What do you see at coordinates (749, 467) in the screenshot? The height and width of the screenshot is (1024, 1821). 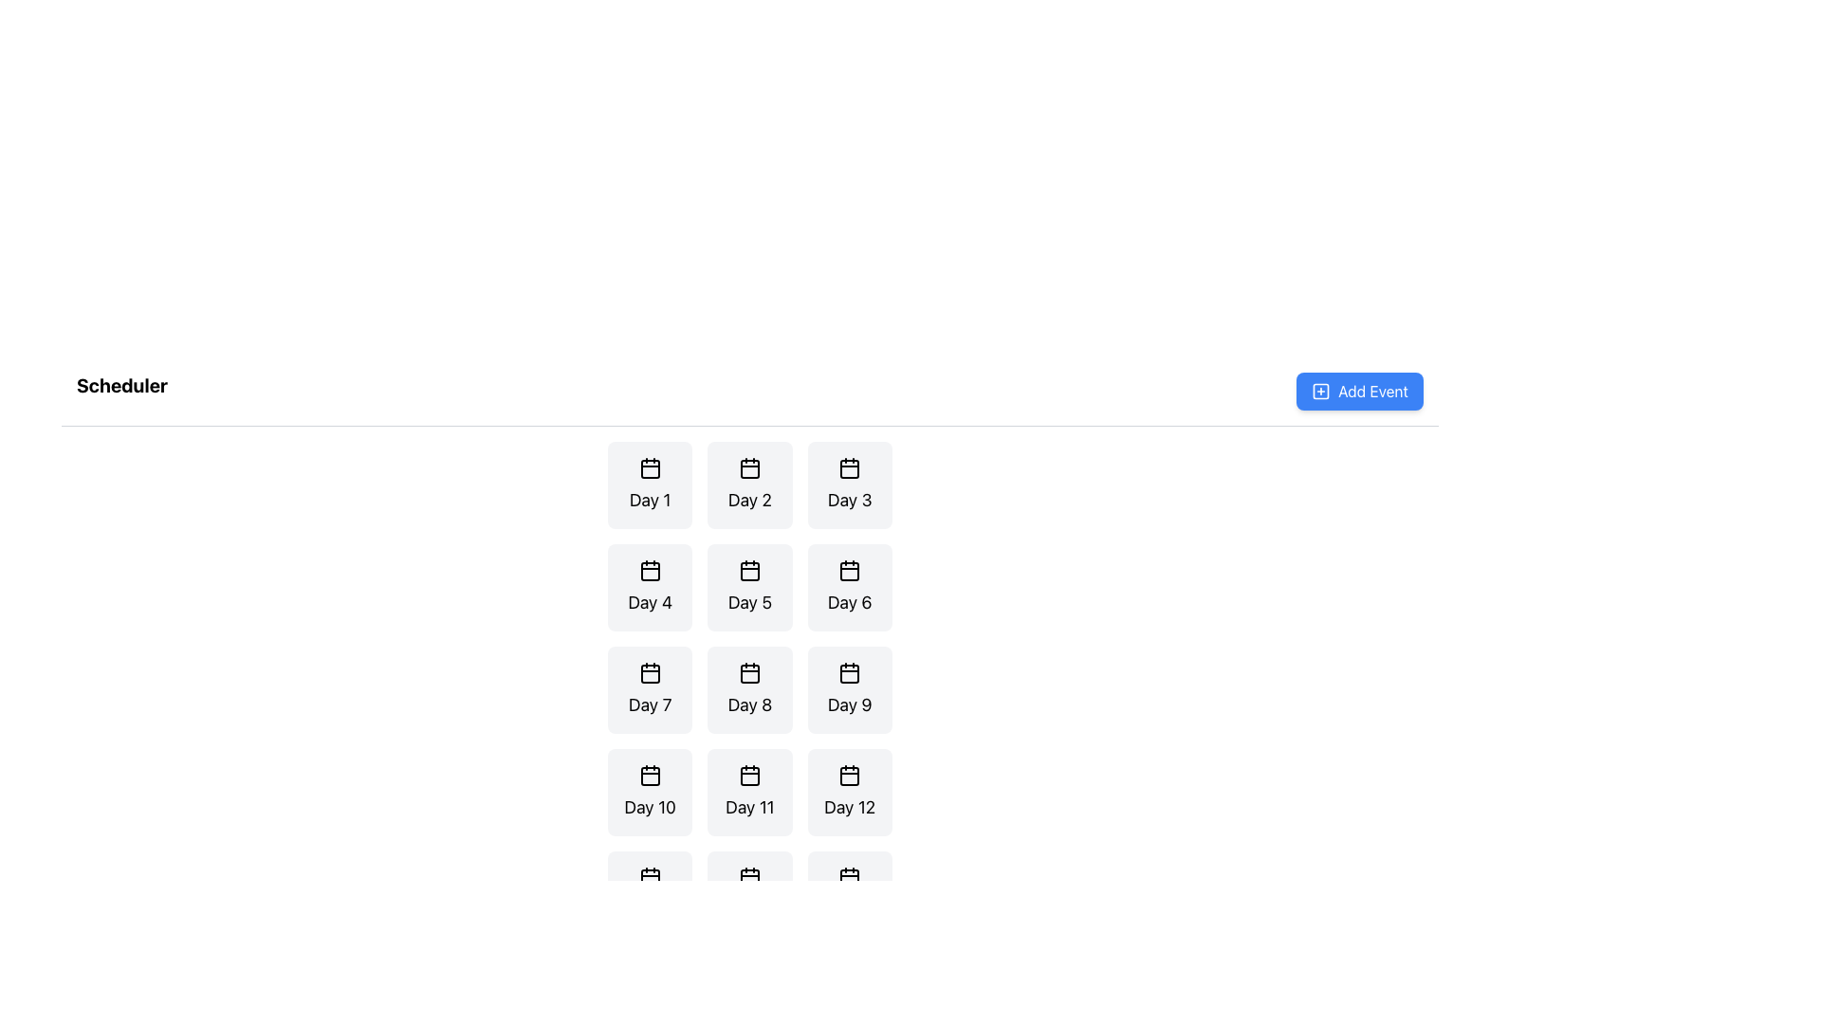 I see `the decorative calendar icon located in the center of the 'Day 2' tile in the scheduler interface` at bounding box center [749, 467].